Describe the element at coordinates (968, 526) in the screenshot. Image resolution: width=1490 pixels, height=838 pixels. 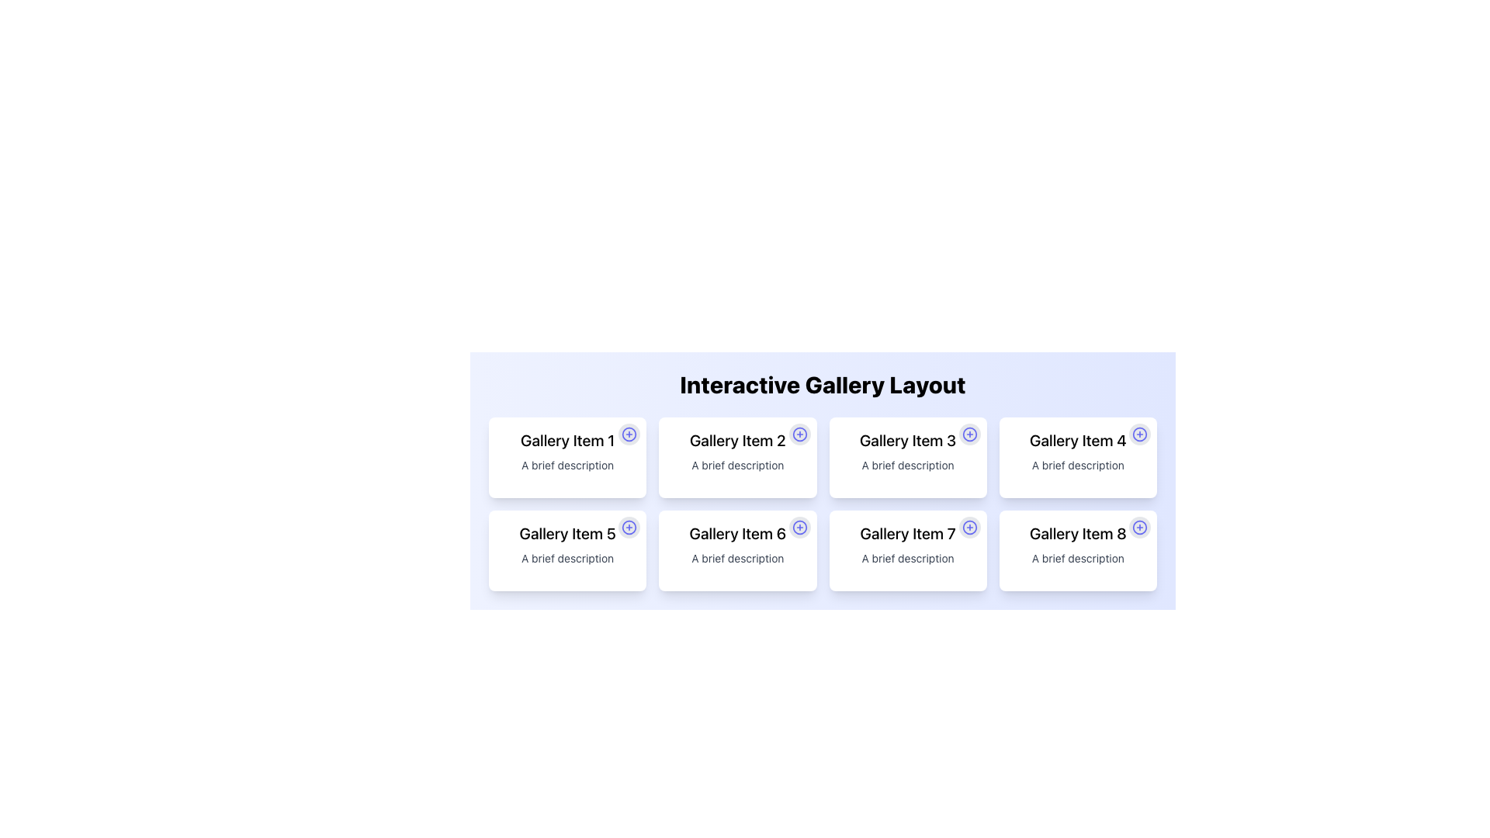
I see `the circular icon located at the top right corner of the card labeled 'Gallery Item 7'` at that location.